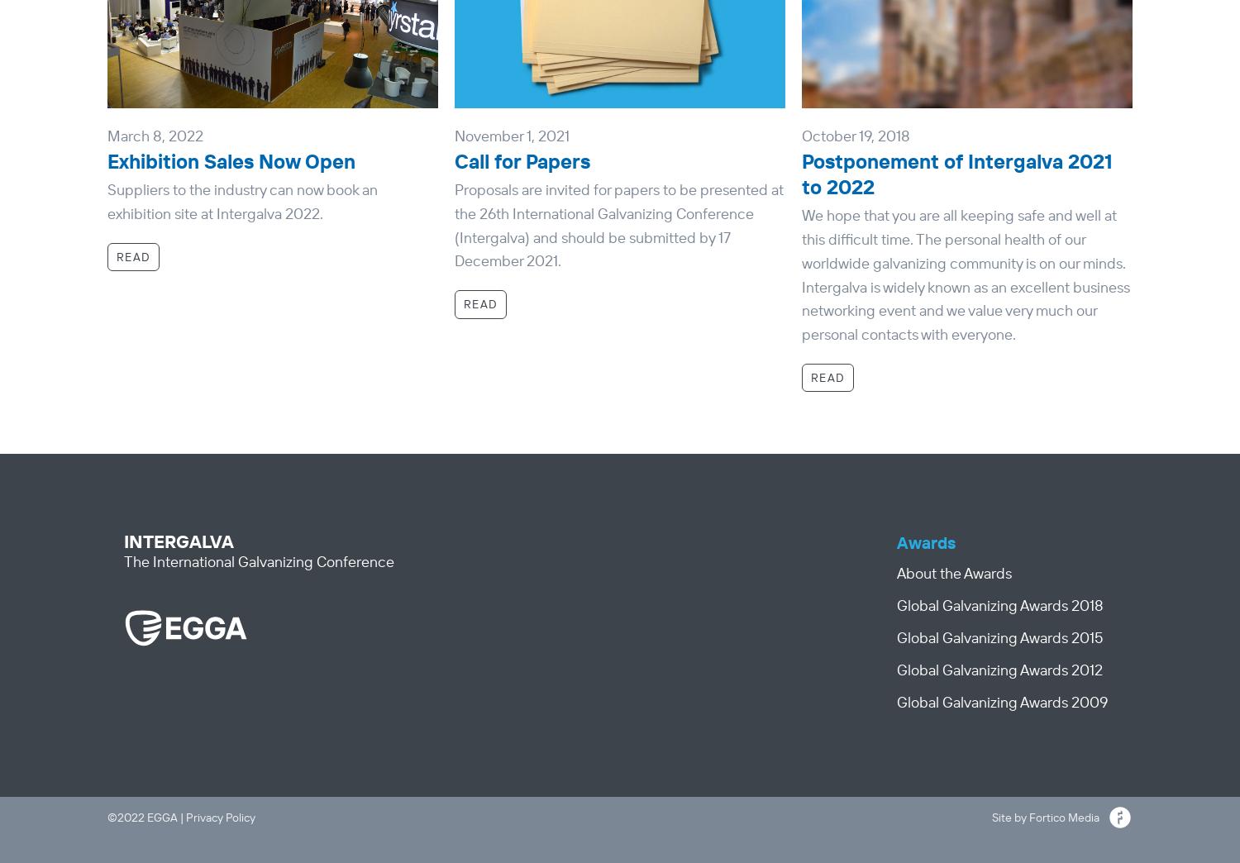  Describe the element at coordinates (999, 668) in the screenshot. I see `'Global Galvanizing Awards 2012'` at that location.